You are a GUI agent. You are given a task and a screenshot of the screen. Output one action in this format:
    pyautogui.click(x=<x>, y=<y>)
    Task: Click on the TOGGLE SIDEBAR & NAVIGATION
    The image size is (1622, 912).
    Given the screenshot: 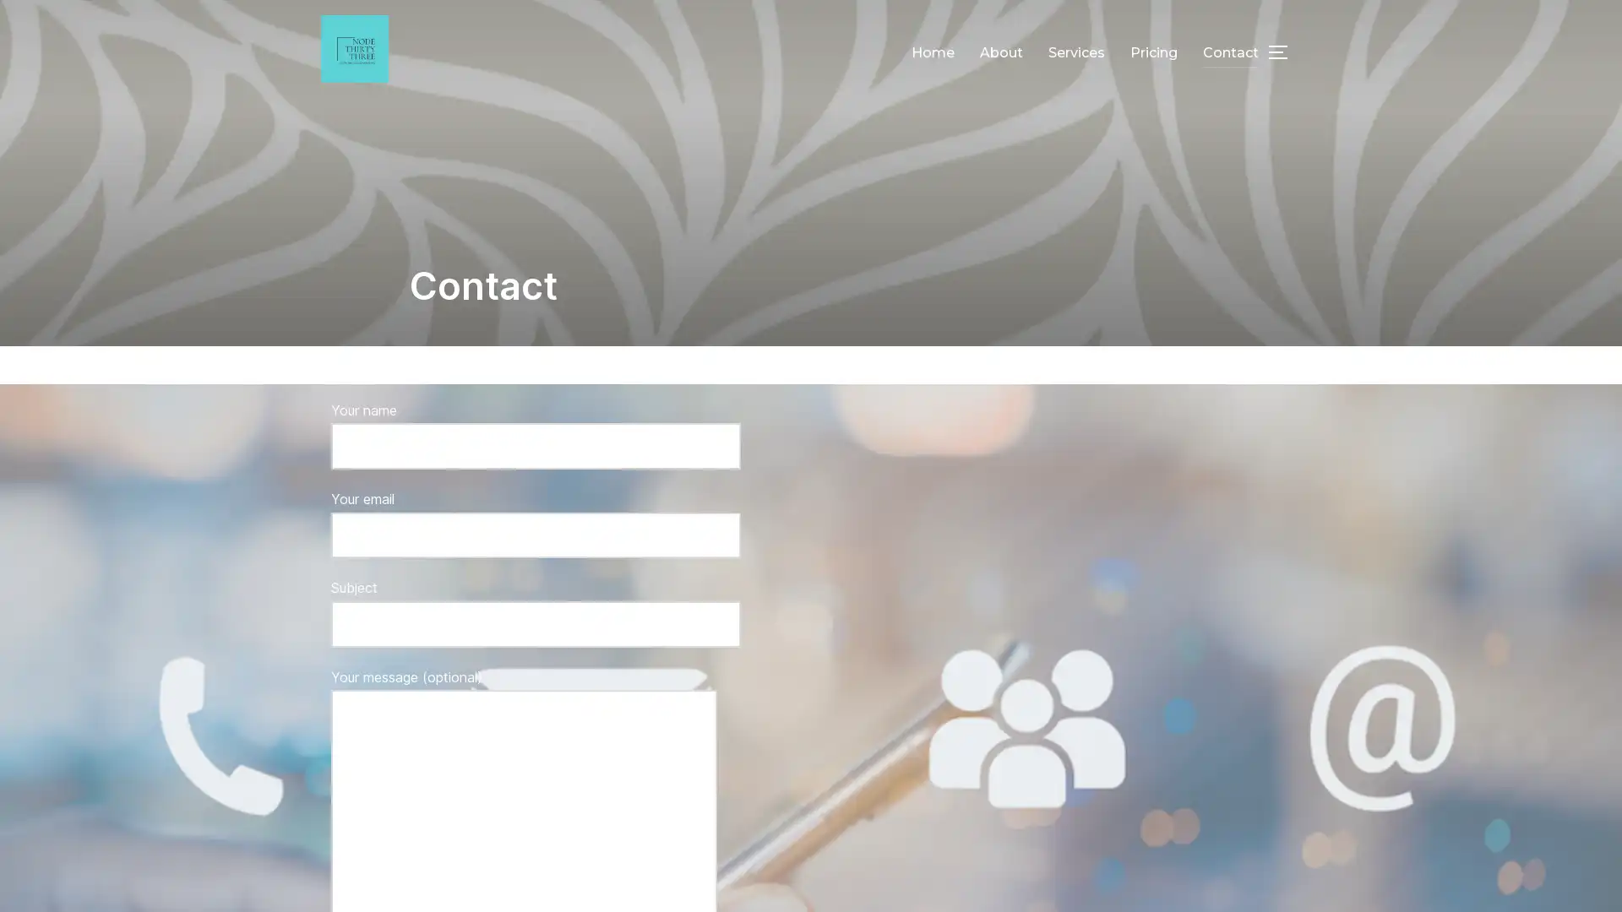 What is the action you would take?
    pyautogui.click(x=1284, y=51)
    